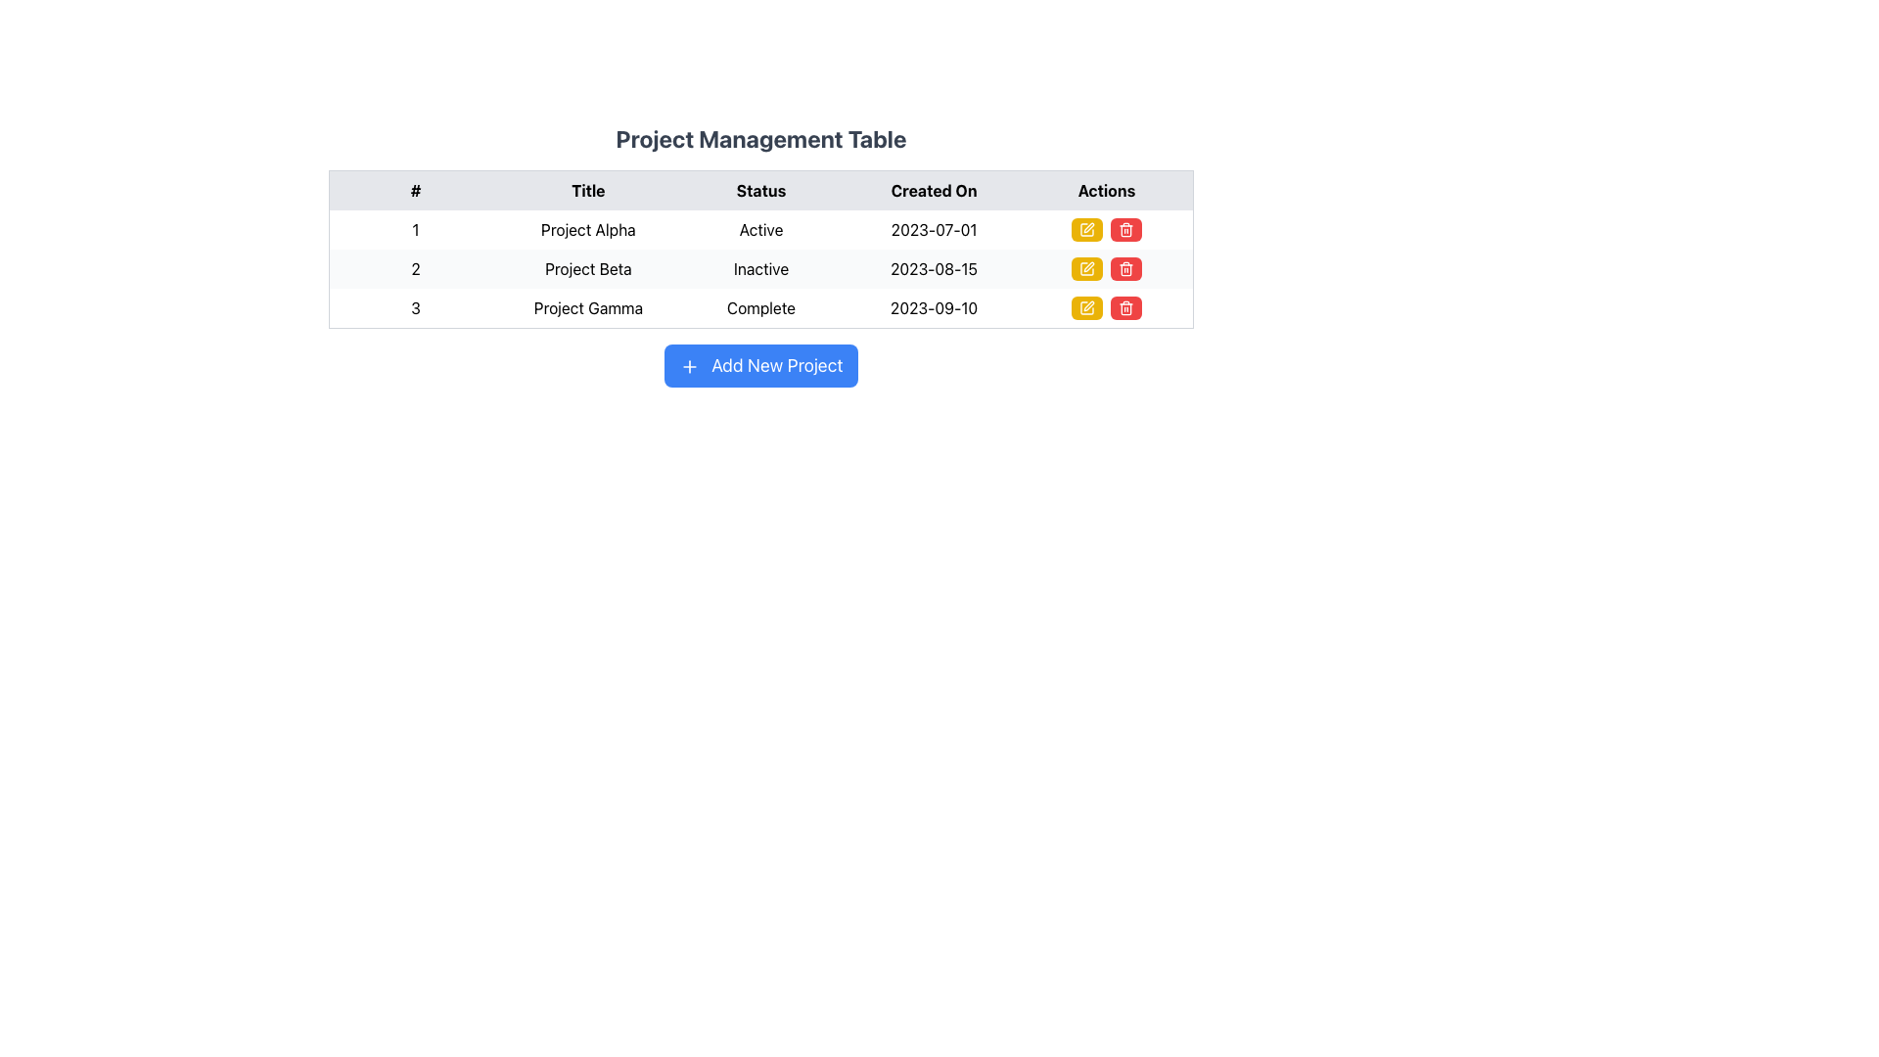  I want to click on the pen icon button in the second row of the 'Actions' column to initiate the edit action, so click(1085, 229).